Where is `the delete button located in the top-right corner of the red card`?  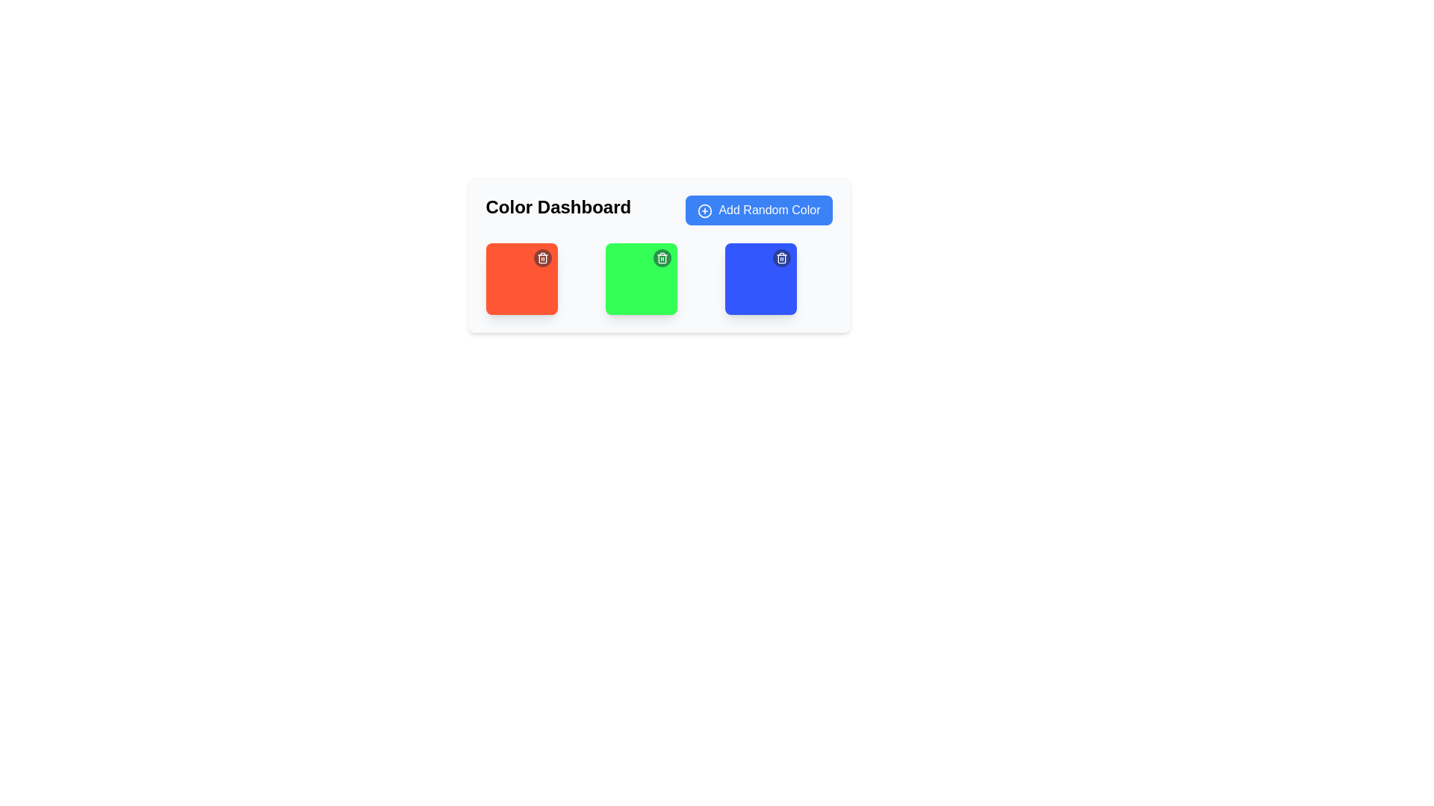 the delete button located in the top-right corner of the red card is located at coordinates (541, 257).